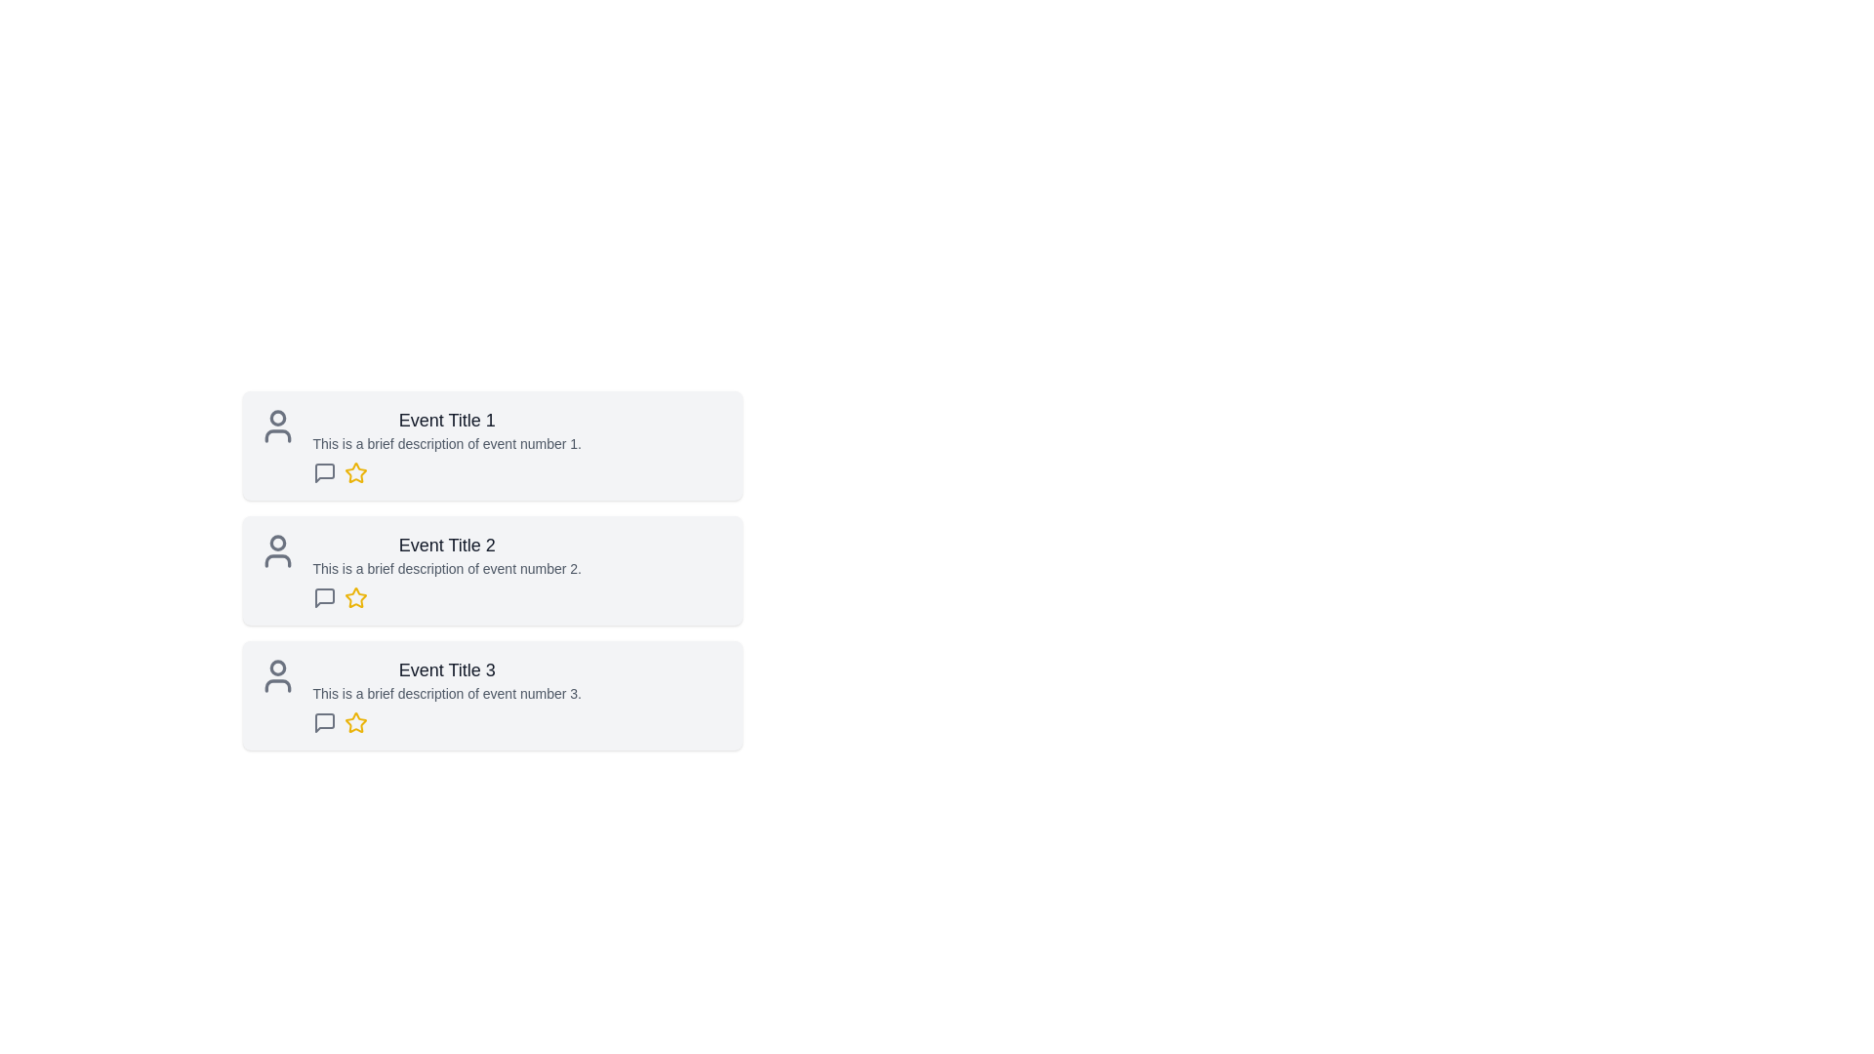 The width and height of the screenshot is (1874, 1054). Describe the element at coordinates (446, 420) in the screenshot. I see `the text label displaying 'Event Title 1', which is a bold, large font style in gray color on a light background, located in the upper part of the first list item` at that location.